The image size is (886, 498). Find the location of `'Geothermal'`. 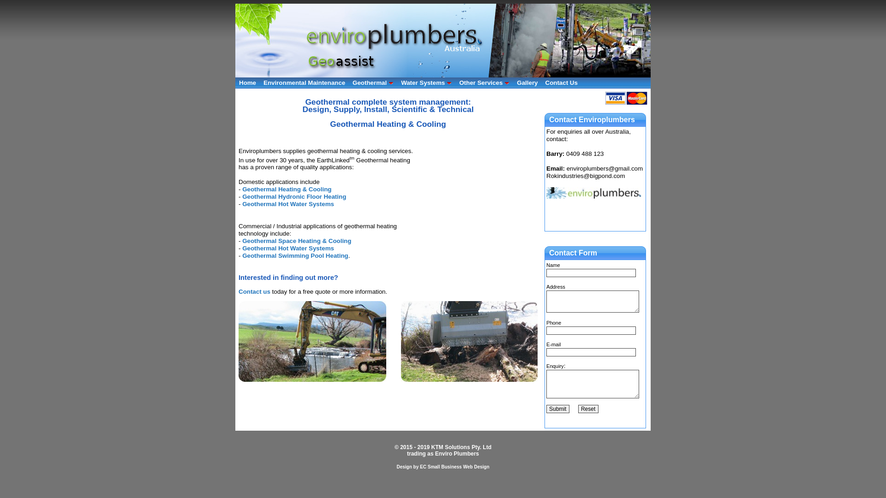

'Geothermal' is located at coordinates (348, 82).